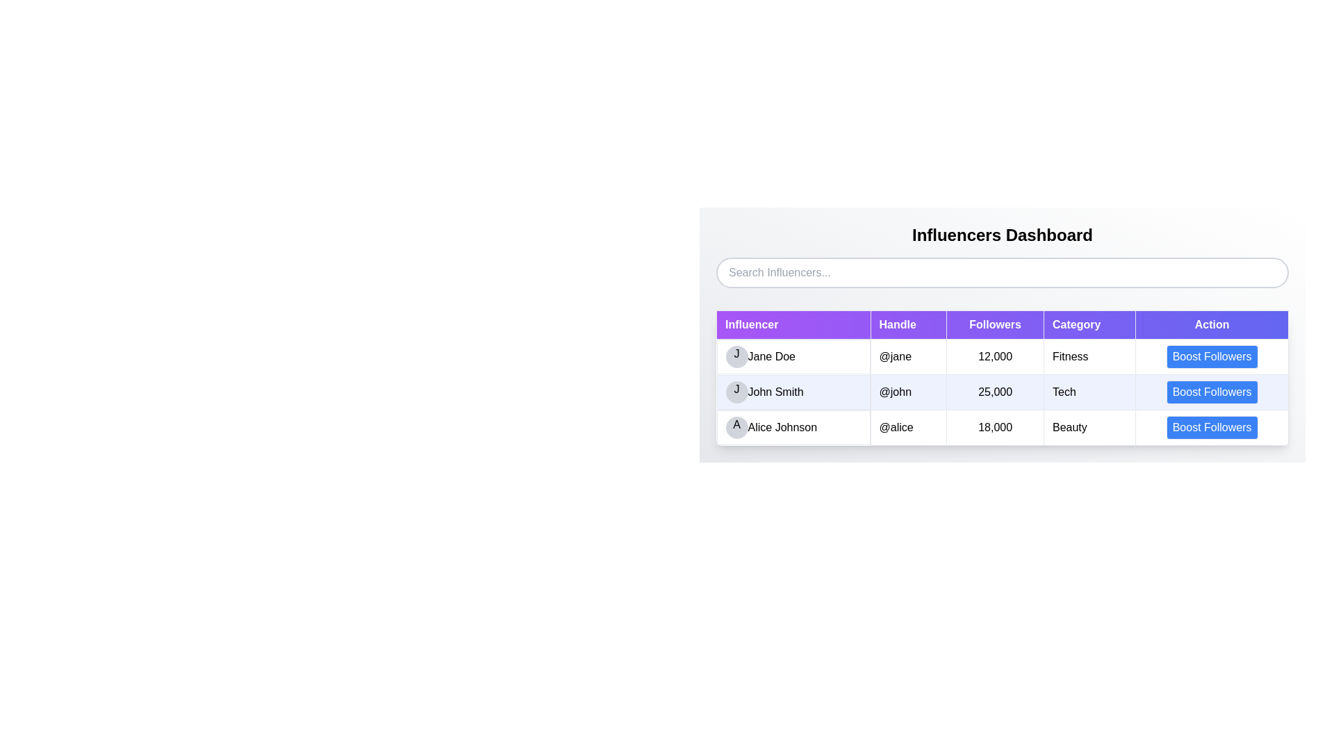 The height and width of the screenshot is (750, 1334). What do you see at coordinates (1211, 427) in the screenshot?
I see `the 'Boost Followers' button located in the last row of the 'Influencers Dashboard' table for Alice Johnson to initiate the action` at bounding box center [1211, 427].